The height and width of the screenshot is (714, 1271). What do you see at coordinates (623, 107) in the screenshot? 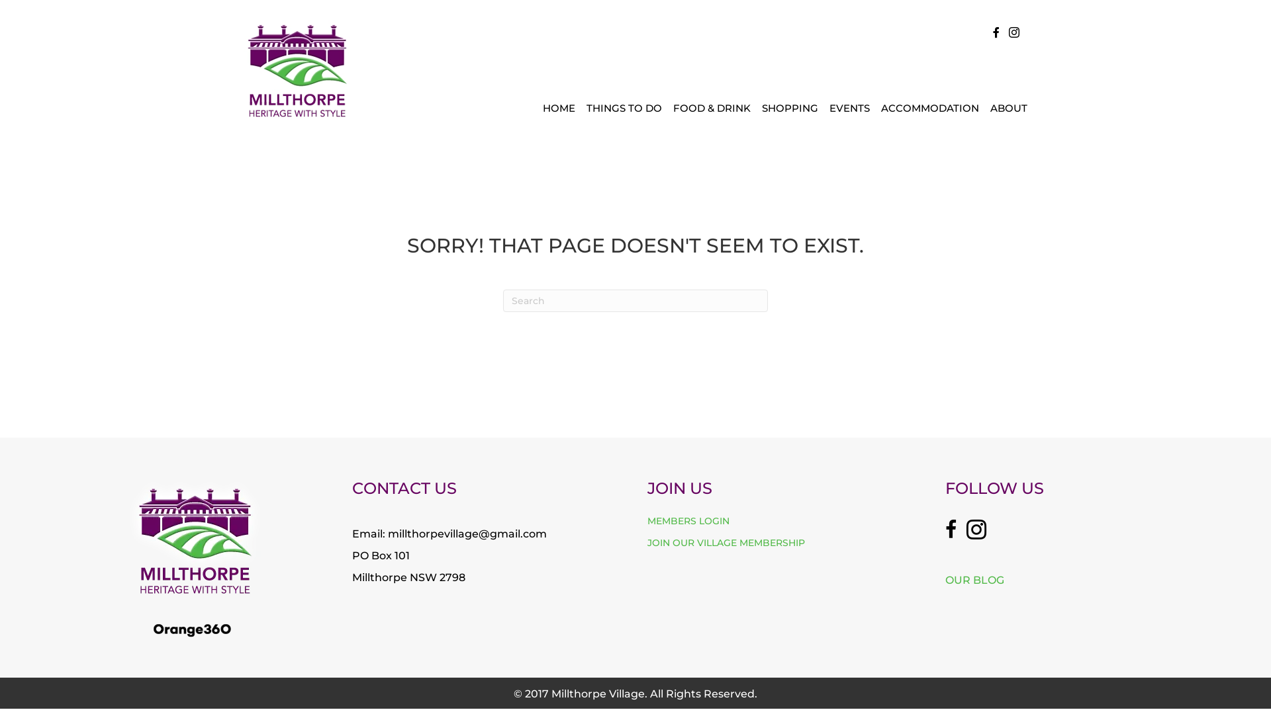
I see `'THINGS TO DO'` at bounding box center [623, 107].